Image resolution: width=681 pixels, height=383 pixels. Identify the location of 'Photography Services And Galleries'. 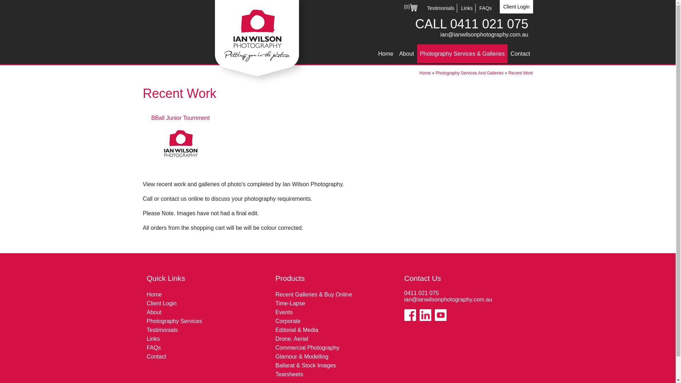
(470, 73).